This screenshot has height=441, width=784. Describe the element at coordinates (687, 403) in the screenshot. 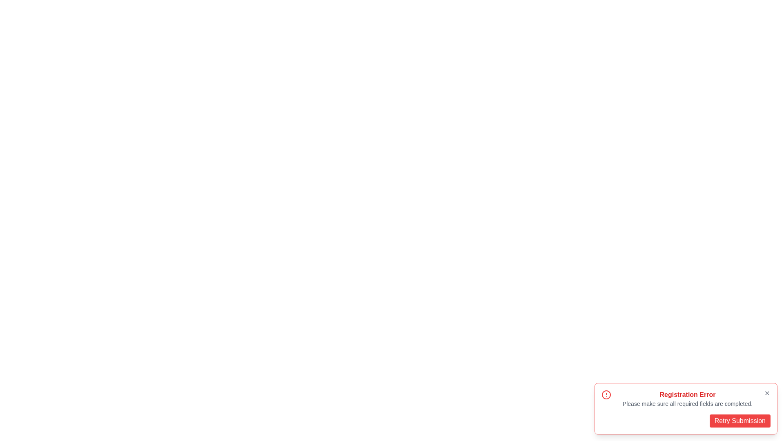

I see `the text label that reads 'Please make sure all required fields are completed.' which is styled with a small font size and gray color, located below the red-colored error title in the error message group` at that location.